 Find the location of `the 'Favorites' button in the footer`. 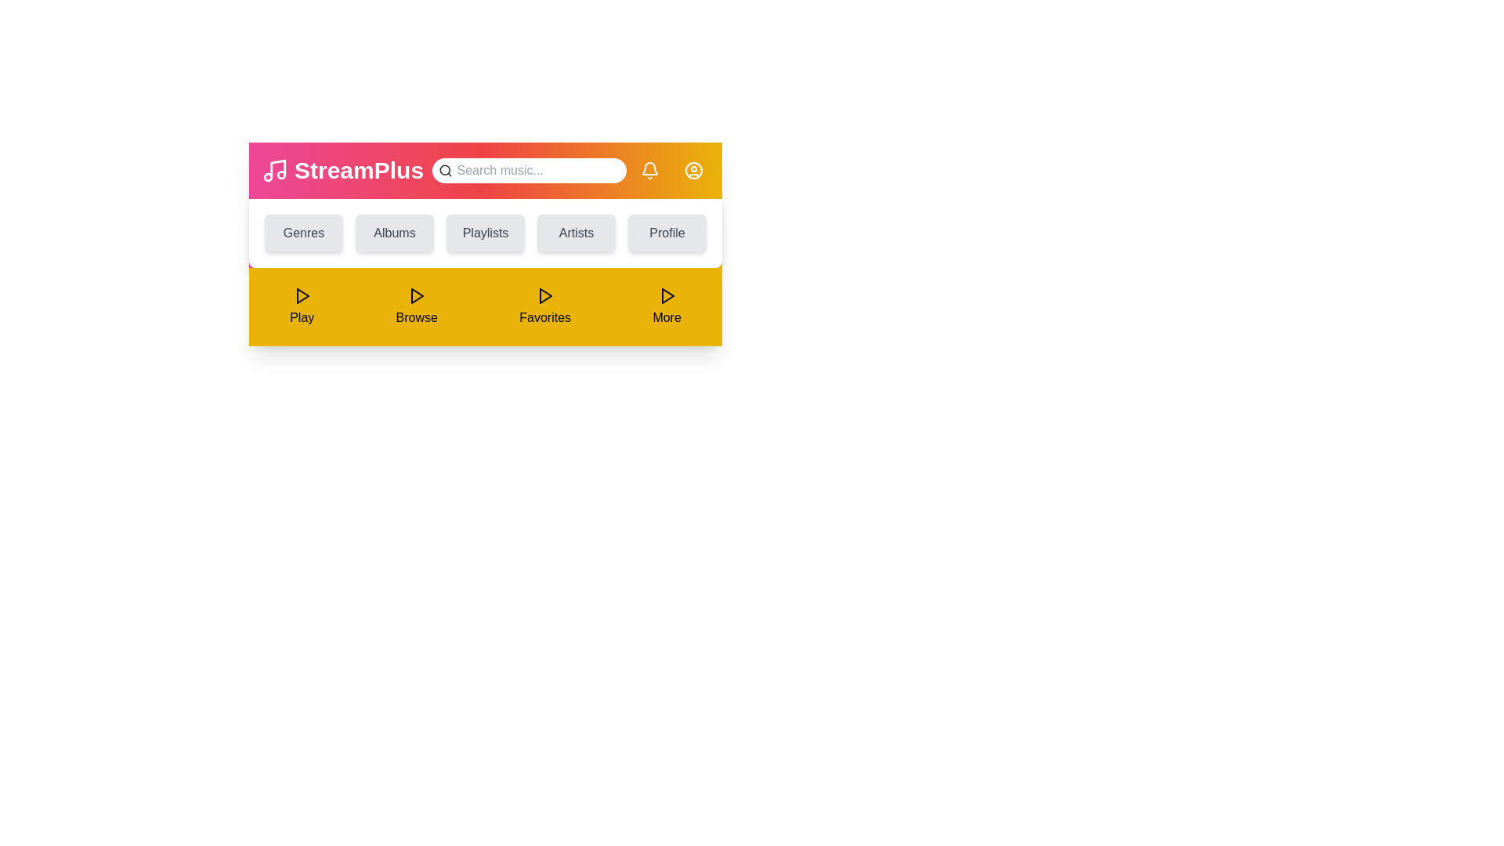

the 'Favorites' button in the footer is located at coordinates (545, 307).